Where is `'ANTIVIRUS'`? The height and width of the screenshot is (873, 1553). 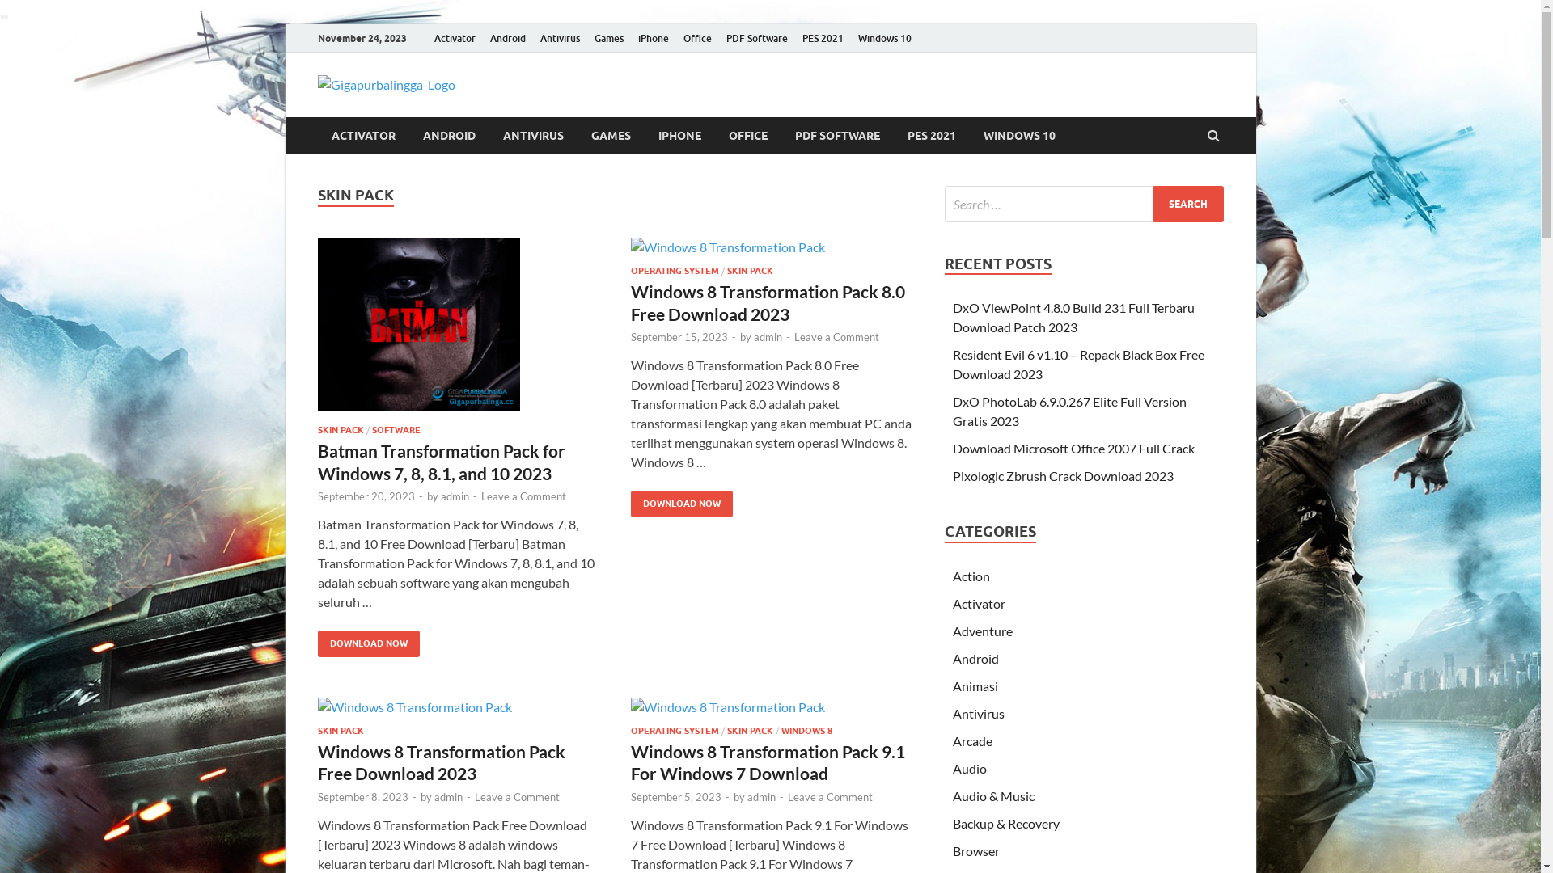 'ANTIVIRUS' is located at coordinates (532, 134).